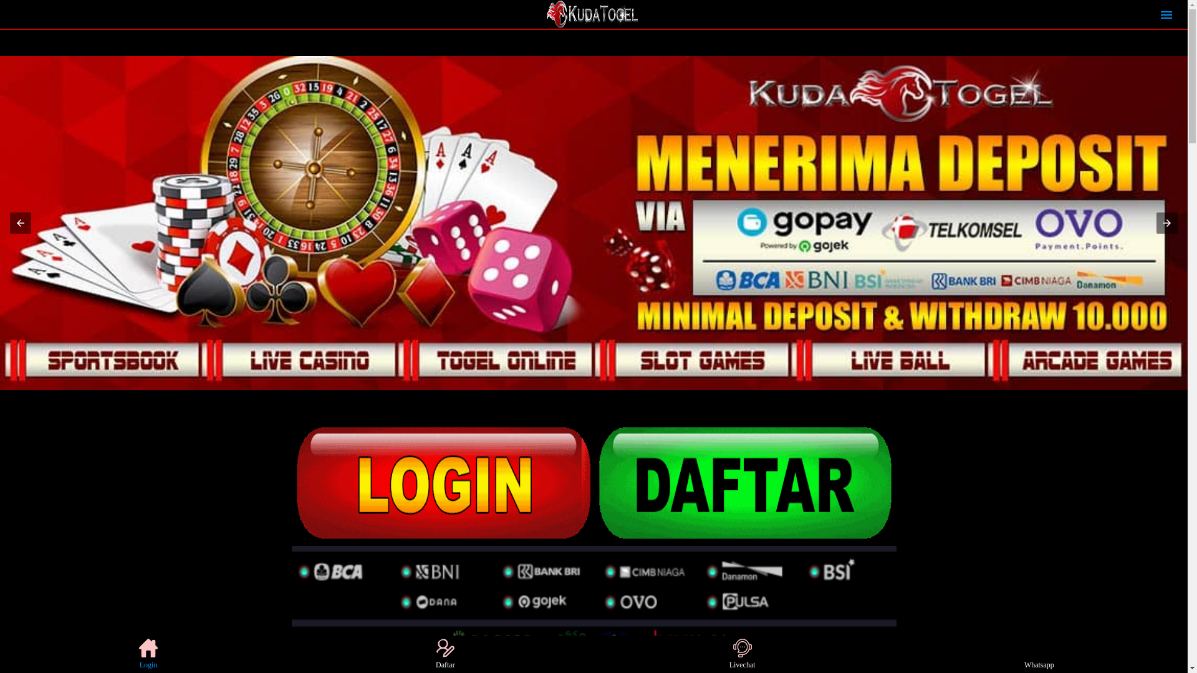 Image resolution: width=1197 pixels, height=673 pixels. I want to click on 'Daftar', so click(421, 653).